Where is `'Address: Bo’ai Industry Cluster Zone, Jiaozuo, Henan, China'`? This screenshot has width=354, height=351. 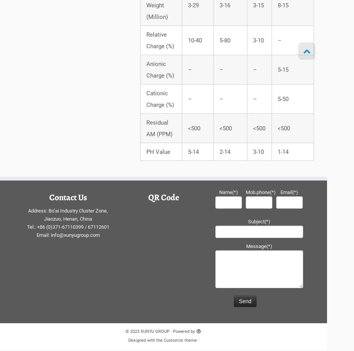 'Address: Bo’ai Industry Cluster Zone, Jiaozuo, Henan, China' is located at coordinates (28, 217).